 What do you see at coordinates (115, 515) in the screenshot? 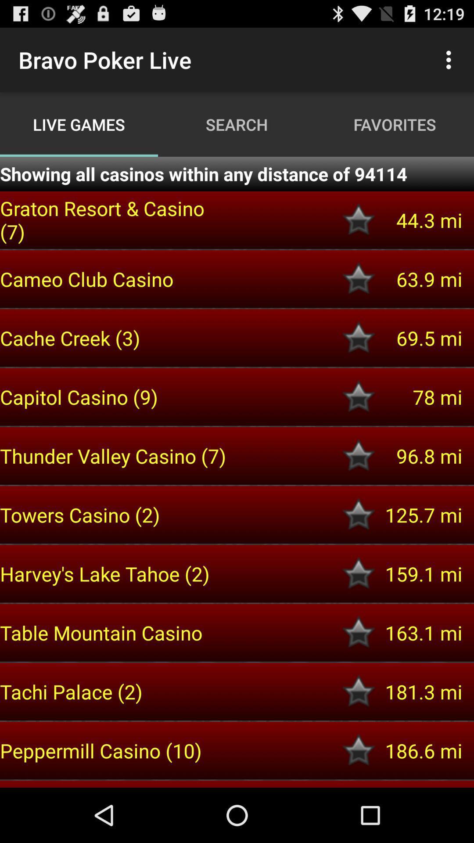
I see `towers casino (2) icon` at bounding box center [115, 515].